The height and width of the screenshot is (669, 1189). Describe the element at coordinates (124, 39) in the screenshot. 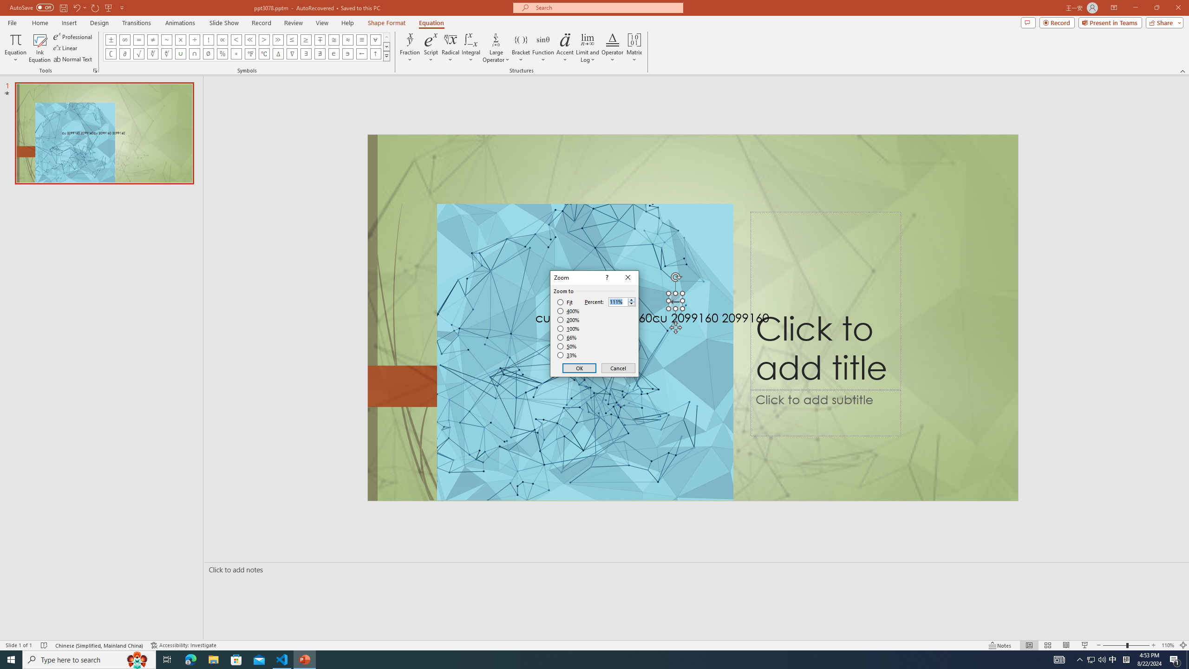

I see `'Equation Symbol Infinity'` at that location.